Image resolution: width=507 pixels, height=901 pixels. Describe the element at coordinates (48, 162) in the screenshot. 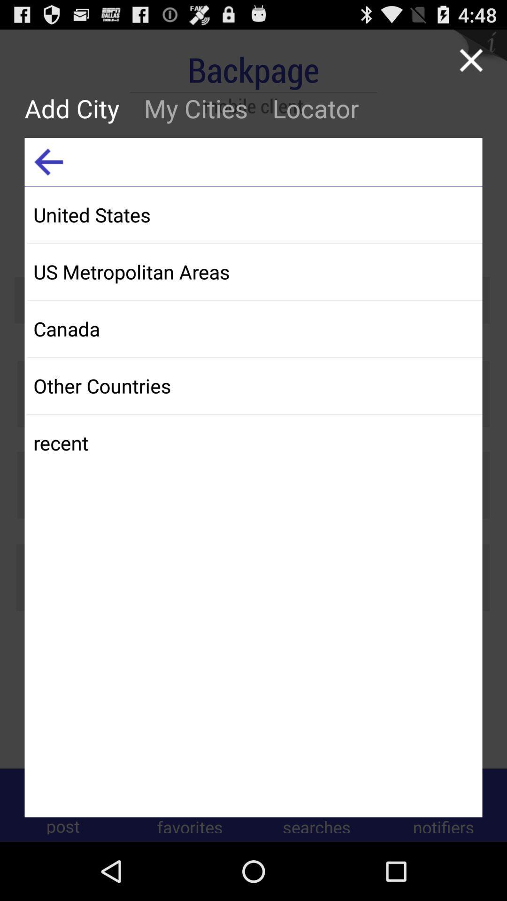

I see `the item below add city` at that location.